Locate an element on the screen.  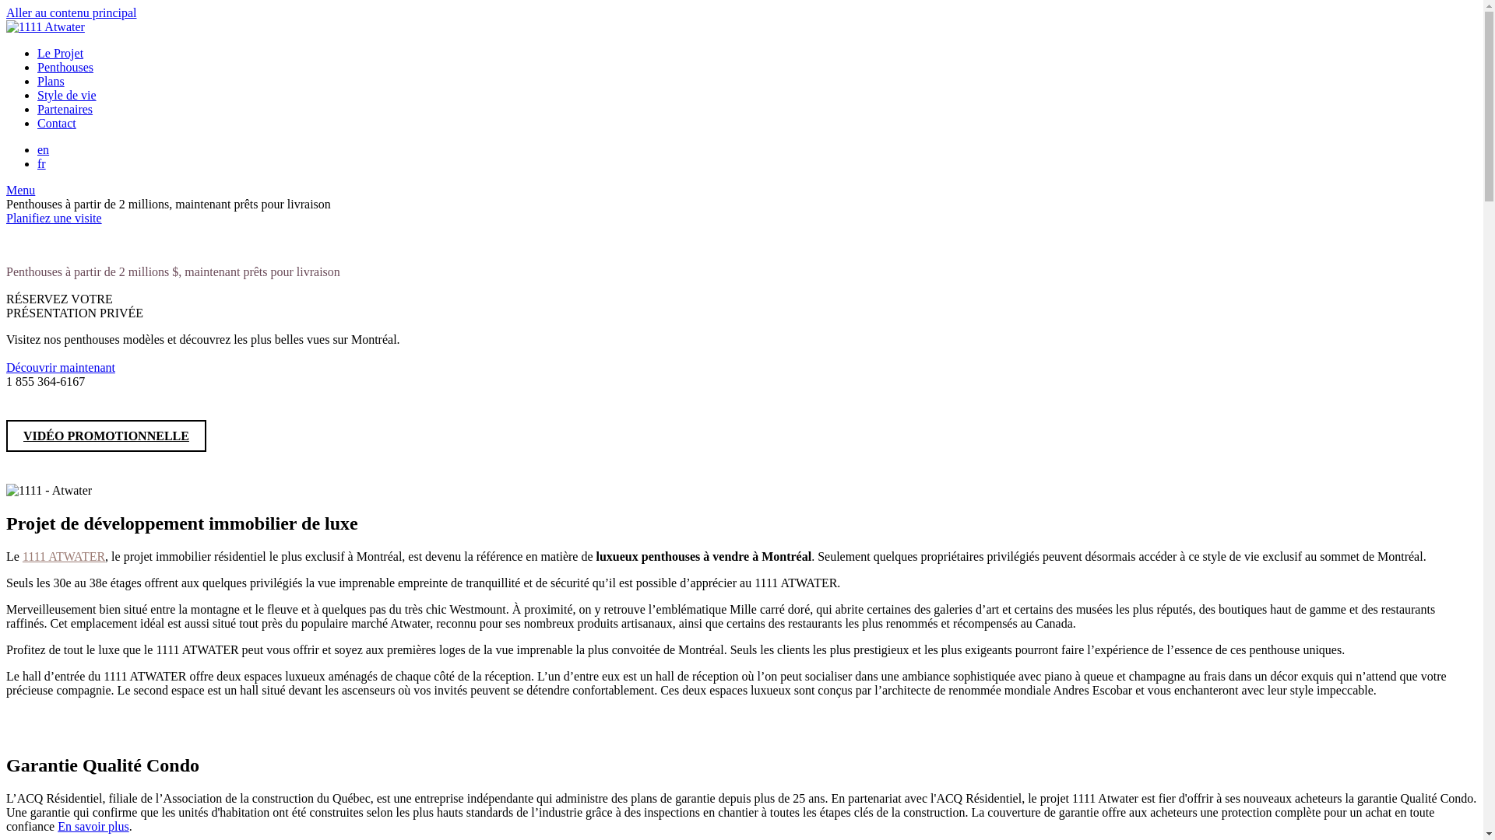
'Le Projet' is located at coordinates (60, 52).